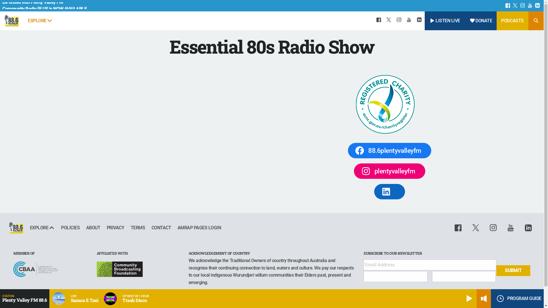 This screenshot has height=308, width=548. Describe the element at coordinates (42, 227) in the screenshot. I see `'EXPLORE'` at that location.